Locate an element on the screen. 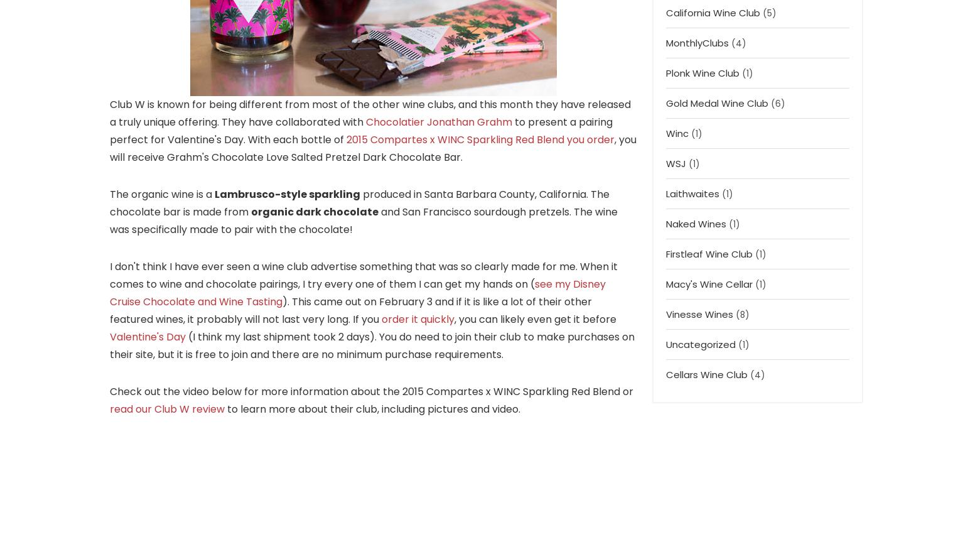  'produced in Santa Barbara County, California. The chocolate bar is made from' is located at coordinates (109, 202).